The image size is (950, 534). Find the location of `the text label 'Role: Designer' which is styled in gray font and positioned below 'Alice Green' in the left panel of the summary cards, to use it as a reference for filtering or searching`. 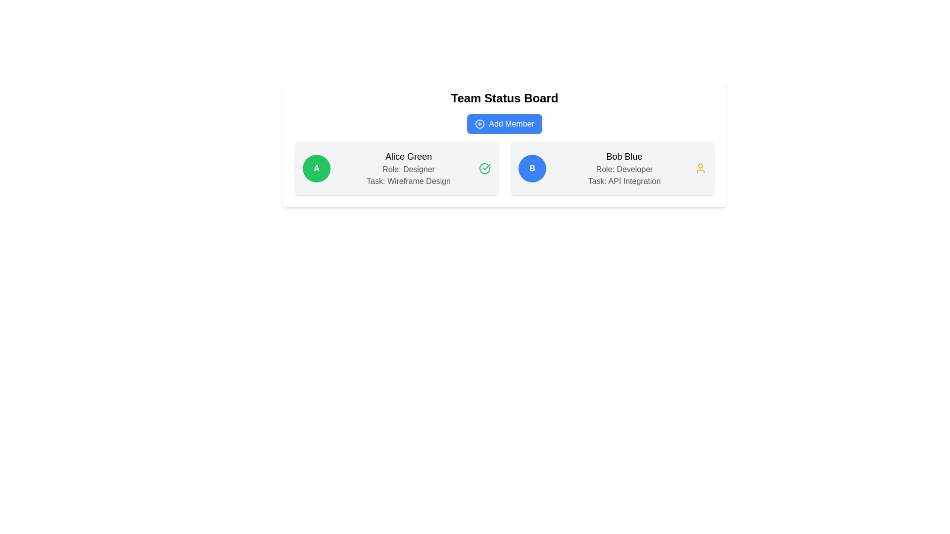

the text label 'Role: Designer' which is styled in gray font and positioned below 'Alice Green' in the left panel of the summary cards, to use it as a reference for filtering or searching is located at coordinates (408, 169).